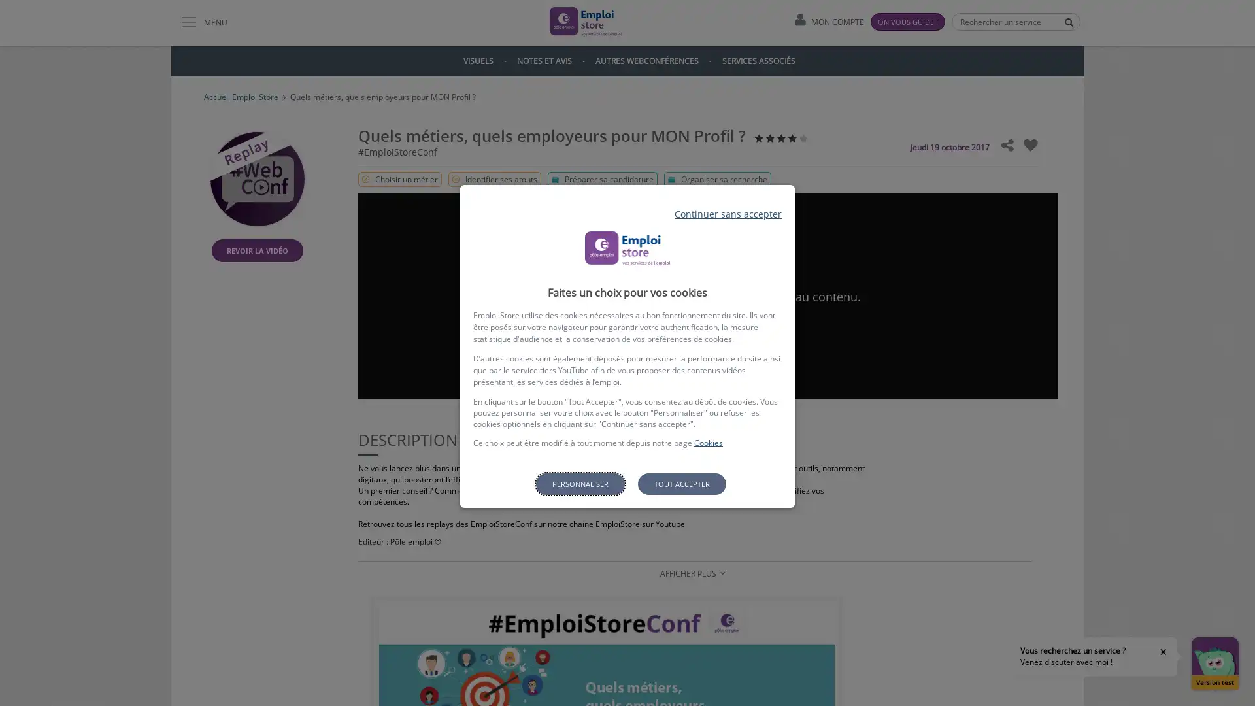 The image size is (1255, 706). What do you see at coordinates (579, 484) in the screenshot?
I see `Personnaliser les parametres de confidentialite` at bounding box center [579, 484].